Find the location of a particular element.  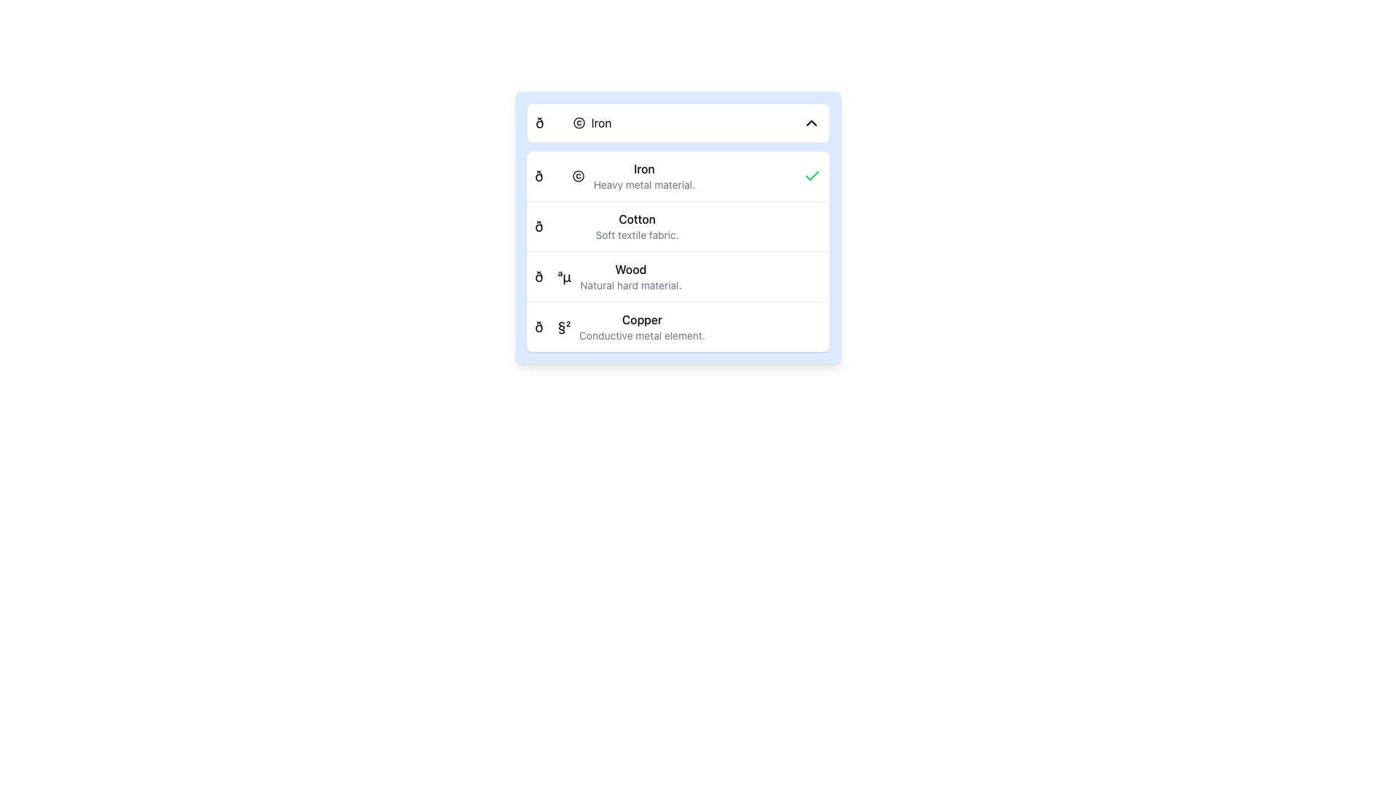

description text 'Conductive metal element.' from the Label displaying 'Copper' with an icon and decorative character is located at coordinates (620, 326).